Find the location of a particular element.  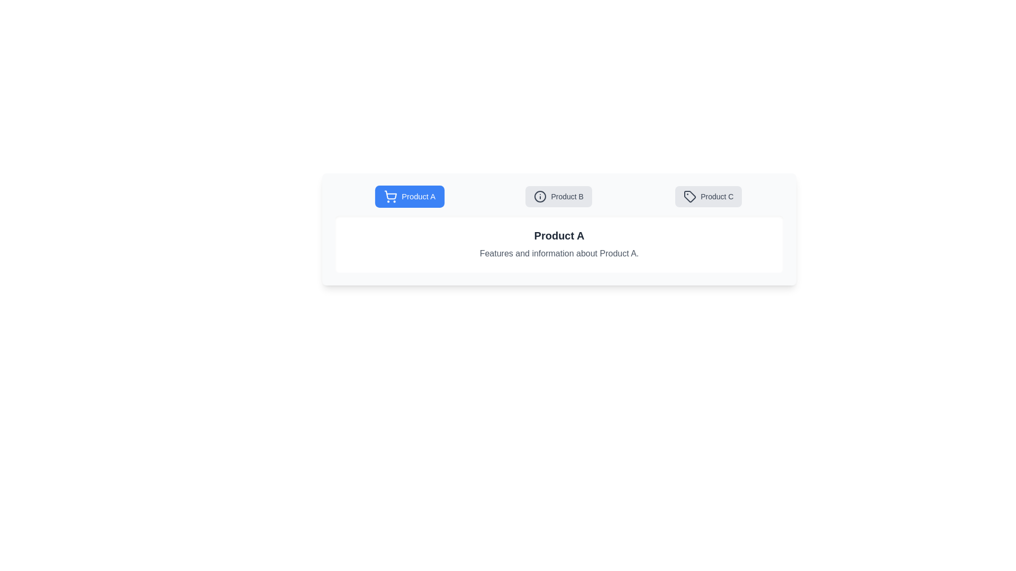

the tab corresponding to Product A to view its content is located at coordinates (409, 196).